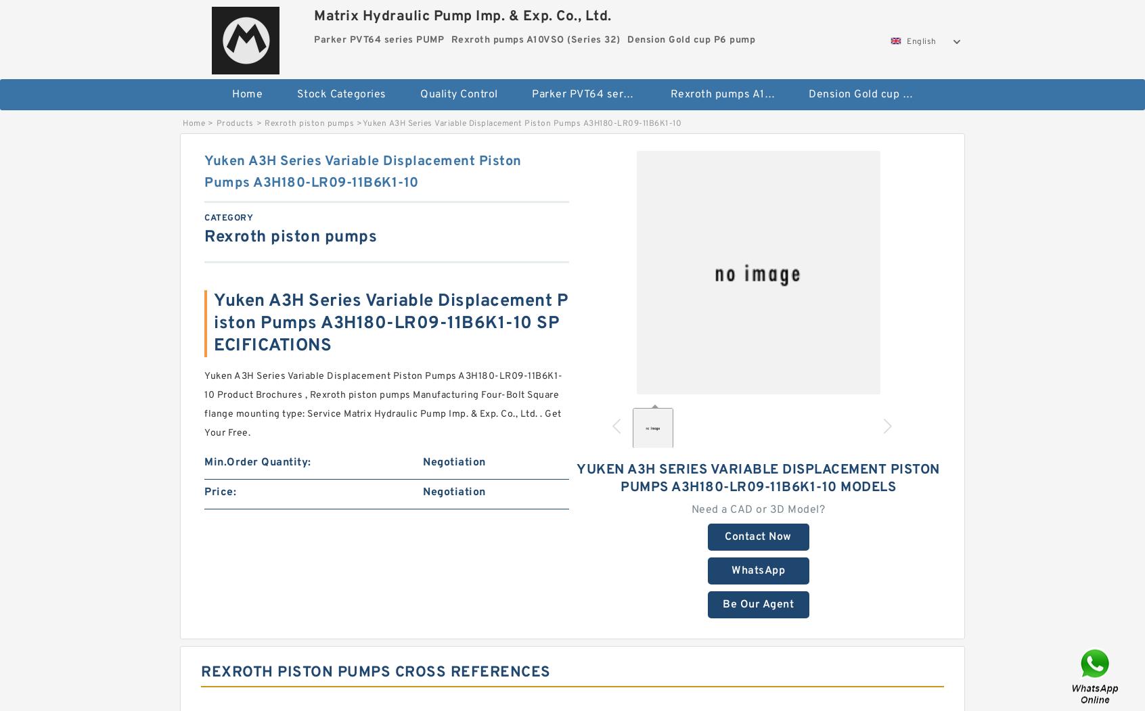 This screenshot has width=1145, height=711. I want to click on 'Yuken A3H Series Variable Displacement Piston Pumps A3H180-LR09-11B6K1-10 SPECIFICATIONS', so click(213, 323).